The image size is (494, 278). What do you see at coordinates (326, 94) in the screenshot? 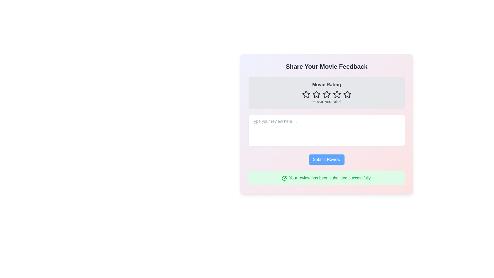
I see `the fourth star icon in the horizontal row of rating stars under the 'Movie Rating' label to rate it` at bounding box center [326, 94].